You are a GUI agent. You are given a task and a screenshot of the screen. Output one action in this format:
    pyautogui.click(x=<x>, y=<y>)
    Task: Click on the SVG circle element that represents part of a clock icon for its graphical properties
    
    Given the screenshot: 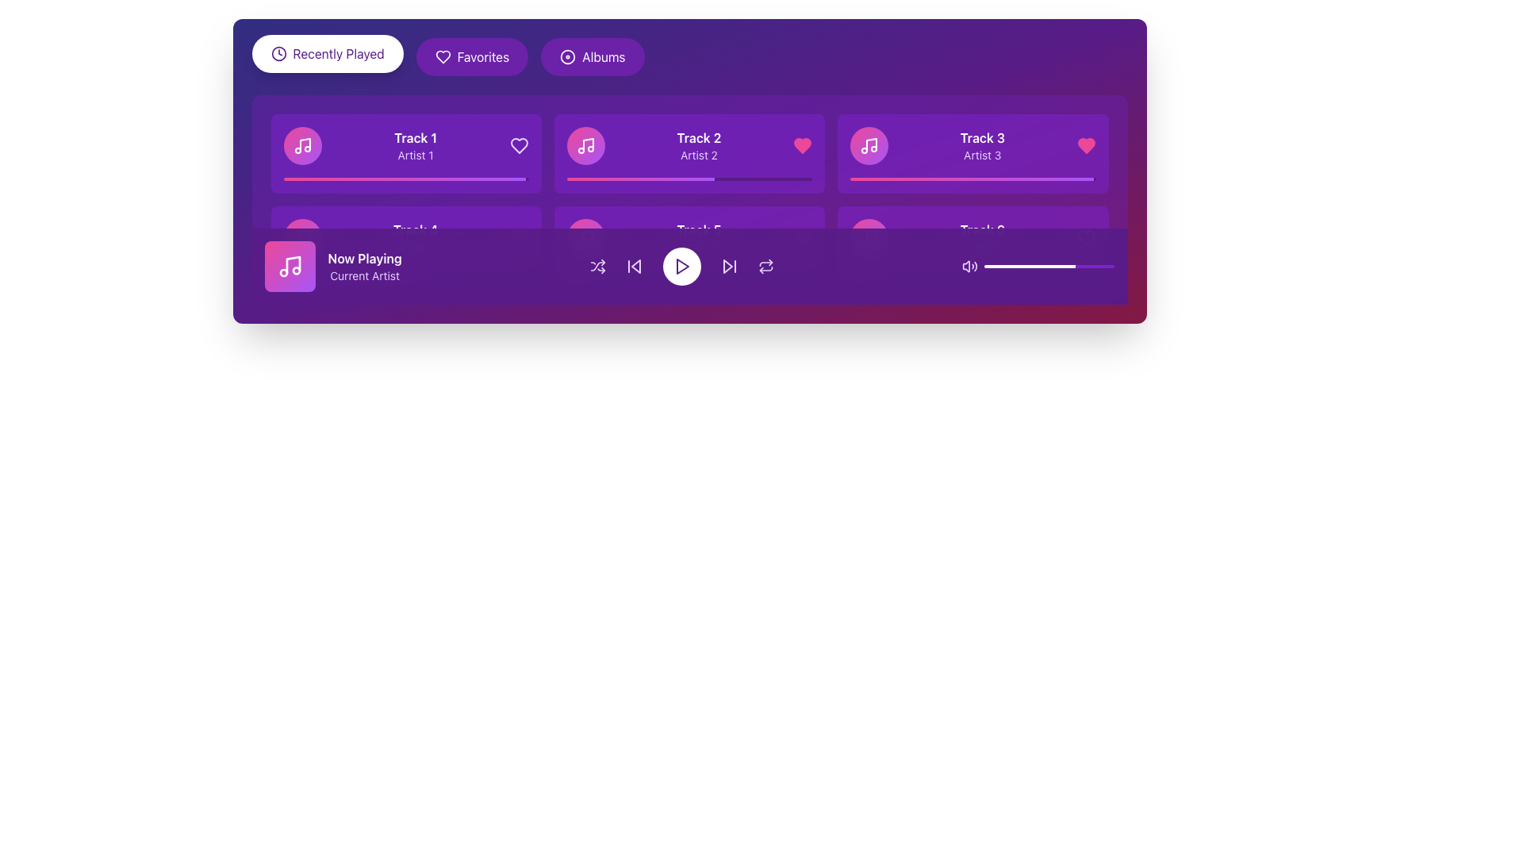 What is the action you would take?
    pyautogui.click(x=278, y=53)
    